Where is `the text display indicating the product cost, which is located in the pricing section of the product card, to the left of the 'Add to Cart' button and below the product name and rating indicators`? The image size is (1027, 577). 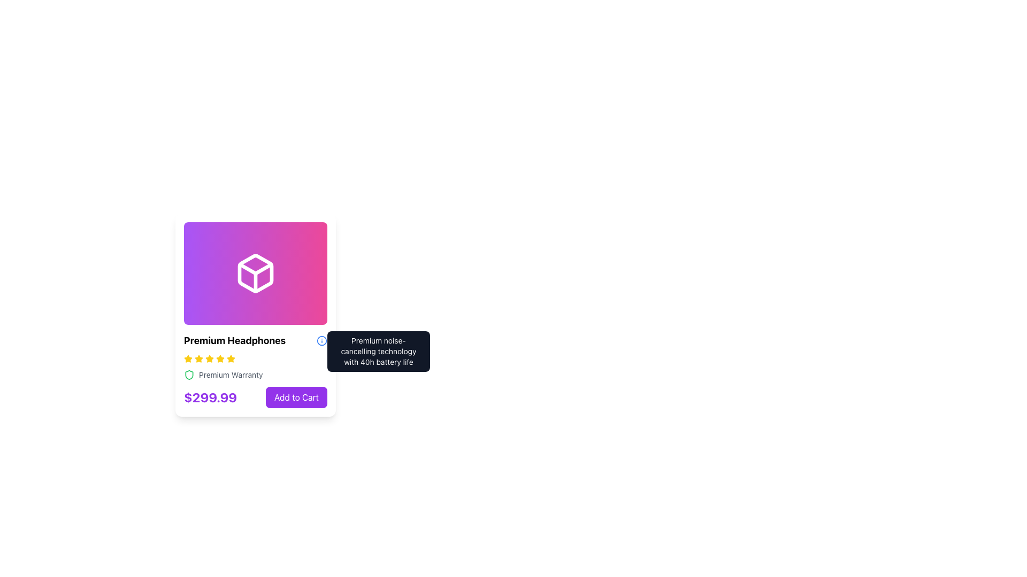
the text display indicating the product cost, which is located in the pricing section of the product card, to the left of the 'Add to Cart' button and below the product name and rating indicators is located at coordinates (210, 397).